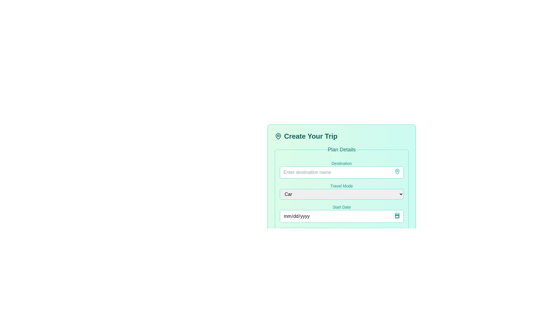 This screenshot has width=556, height=312. What do you see at coordinates (397, 171) in the screenshot?
I see `the teal-colored map pin icon located on the far right of the 'Destination' input field` at bounding box center [397, 171].